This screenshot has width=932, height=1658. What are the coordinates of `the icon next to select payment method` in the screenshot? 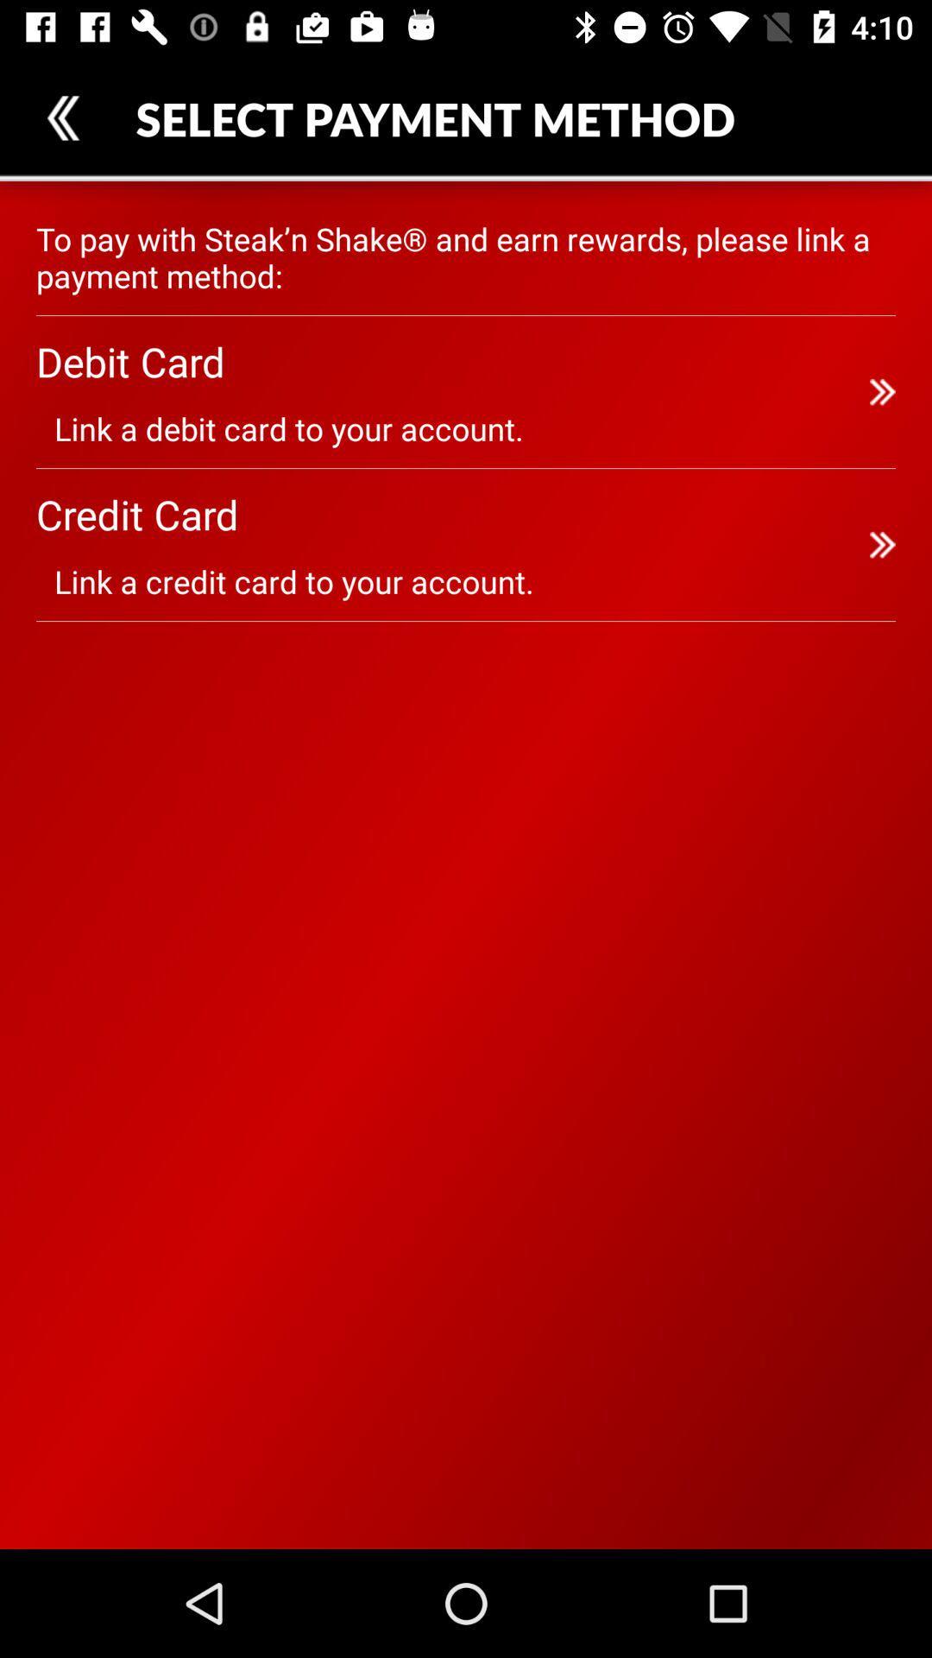 It's located at (62, 117).